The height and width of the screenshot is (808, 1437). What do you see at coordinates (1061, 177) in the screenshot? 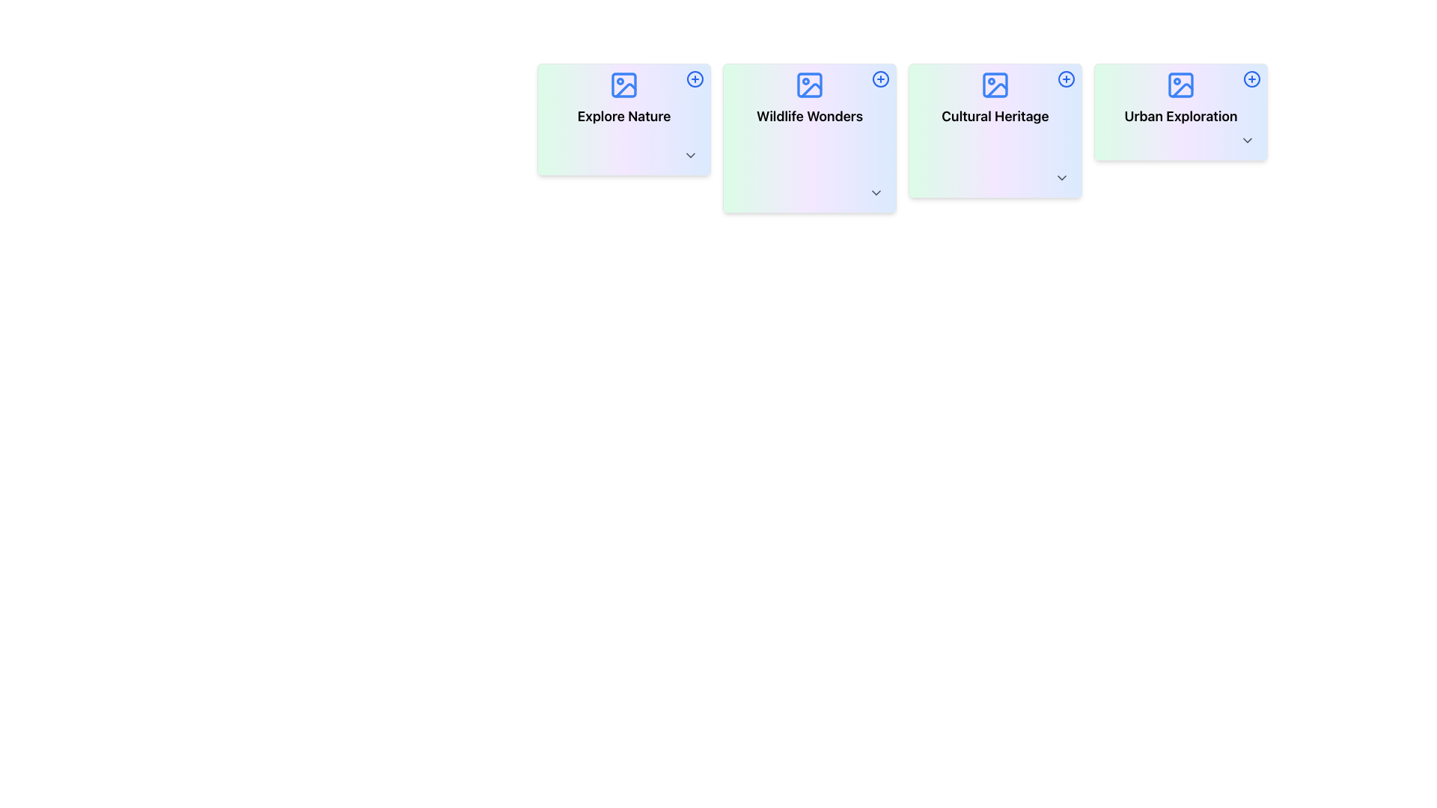
I see `the downward chevron icon button at the bottom-right corner of the 'Cultural Heritage' card` at bounding box center [1061, 177].